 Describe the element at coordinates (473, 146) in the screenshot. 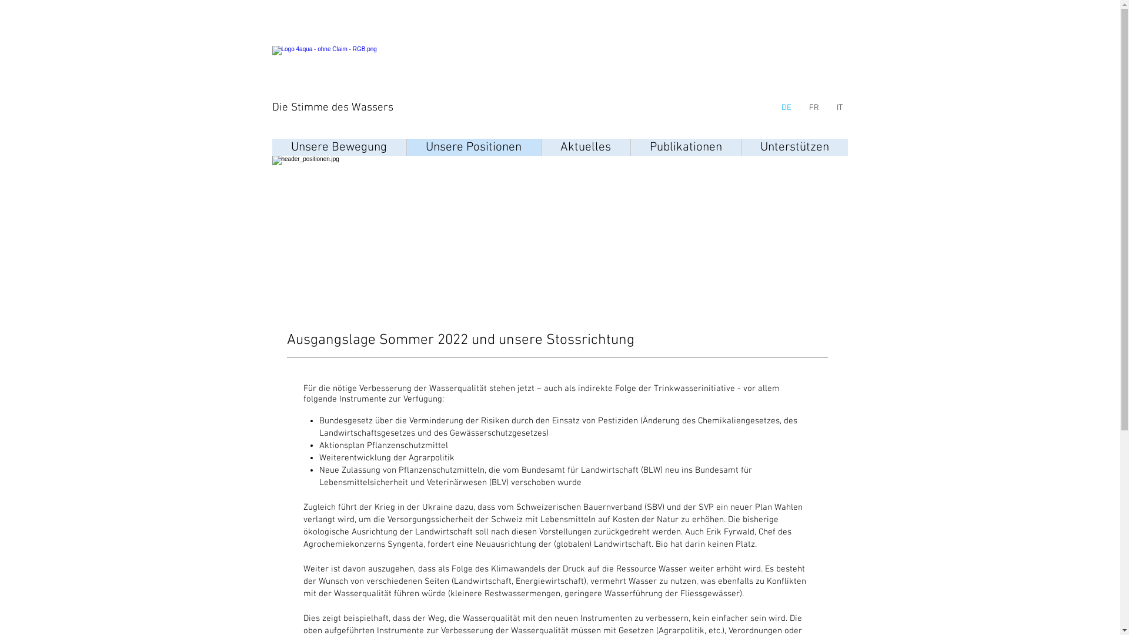

I see `'Unsere Positionen'` at that location.